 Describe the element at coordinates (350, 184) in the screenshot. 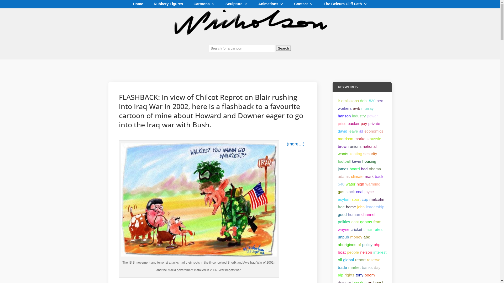

I see `'water'` at that location.